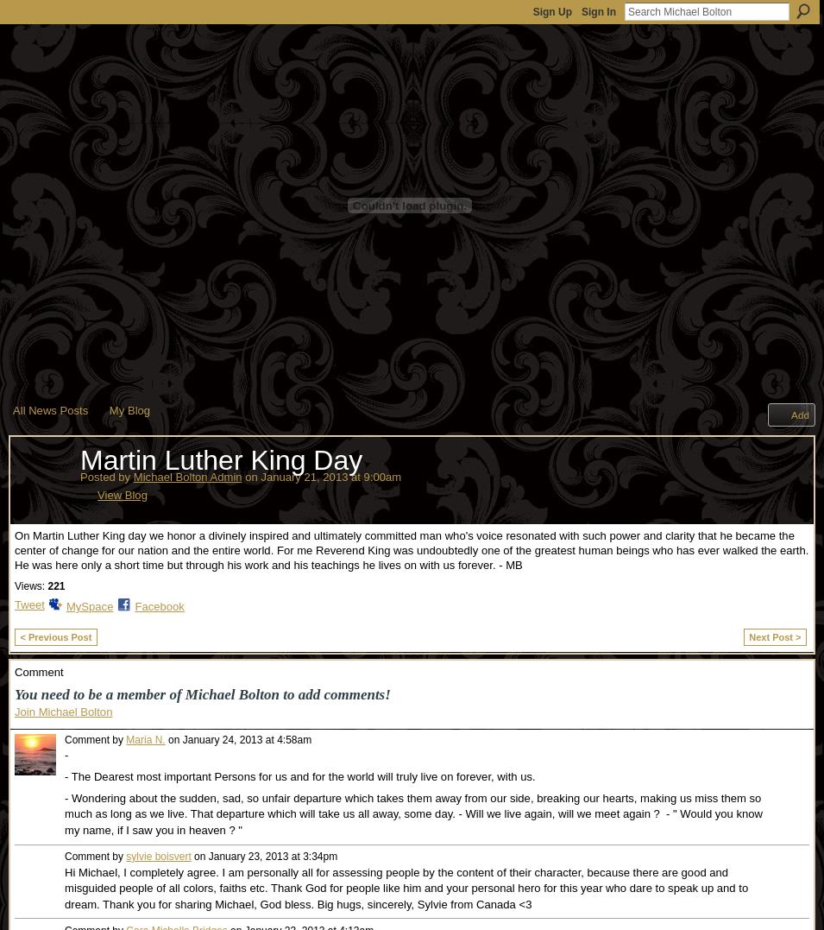 Image resolution: width=824 pixels, height=930 pixels. I want to click on '- The Dearest most important Persons for us and for the world will truly live on forever, with us.', so click(299, 776).